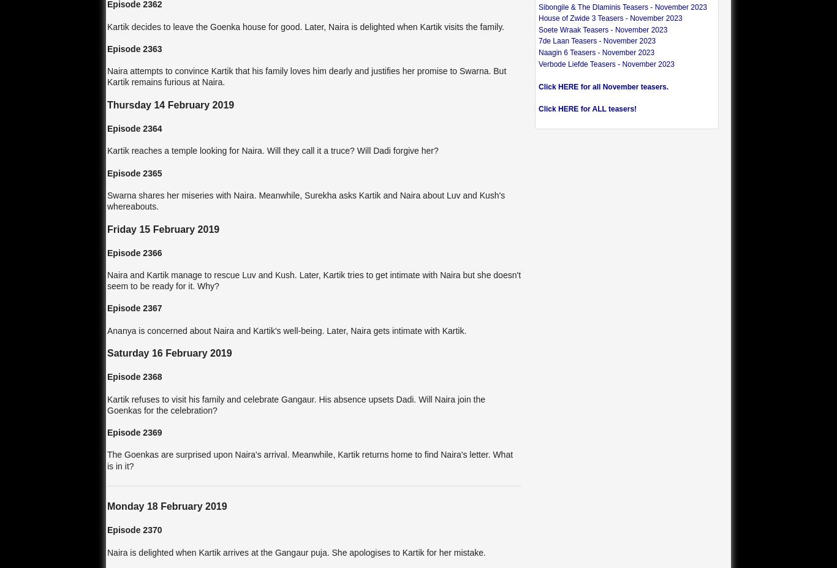 The height and width of the screenshot is (568, 837). I want to click on 'Soete Wraak Teasers - November 2023', so click(603, 29).